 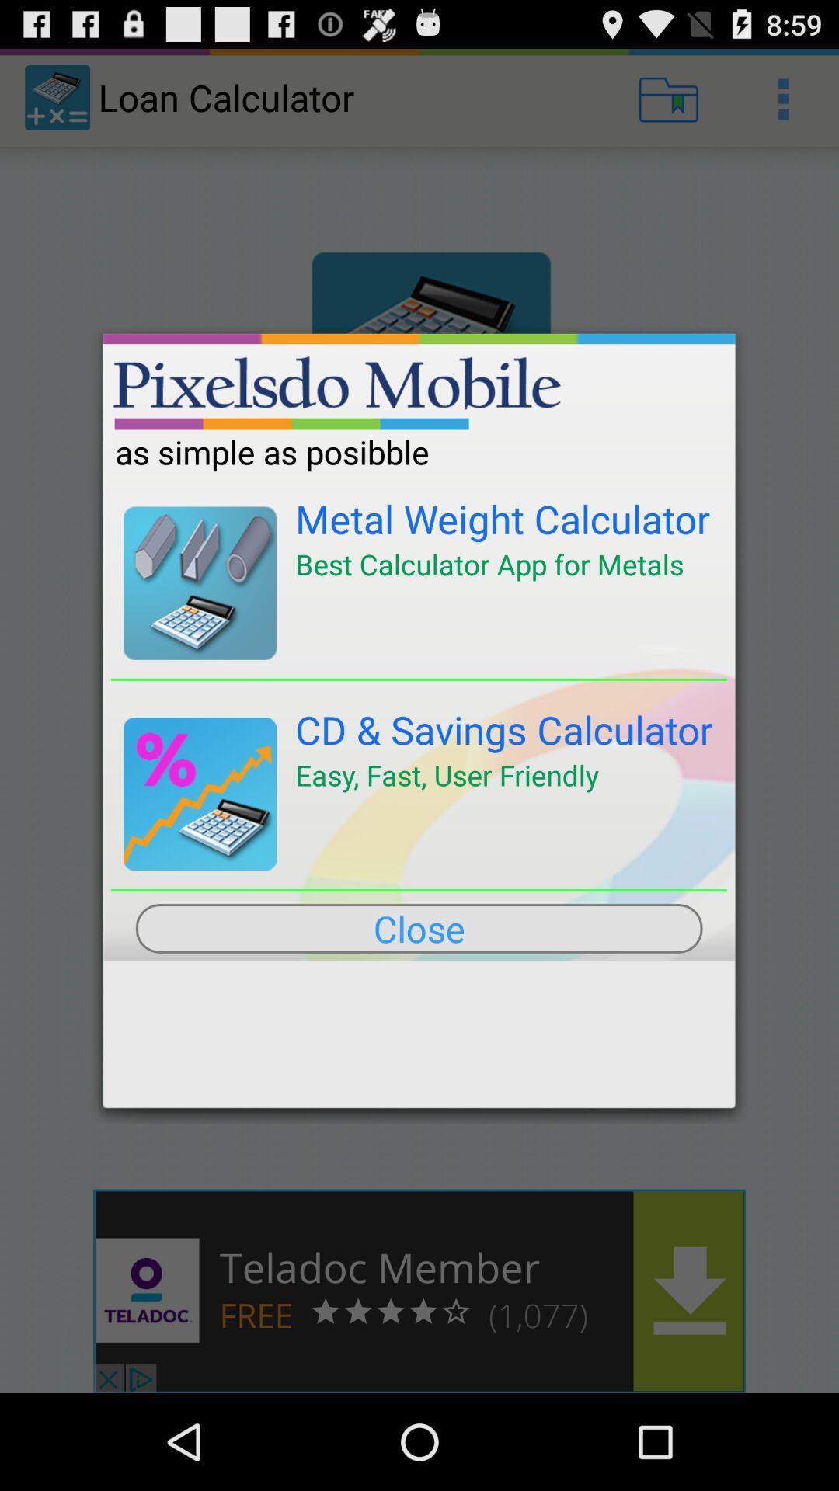 I want to click on close, so click(x=418, y=928).